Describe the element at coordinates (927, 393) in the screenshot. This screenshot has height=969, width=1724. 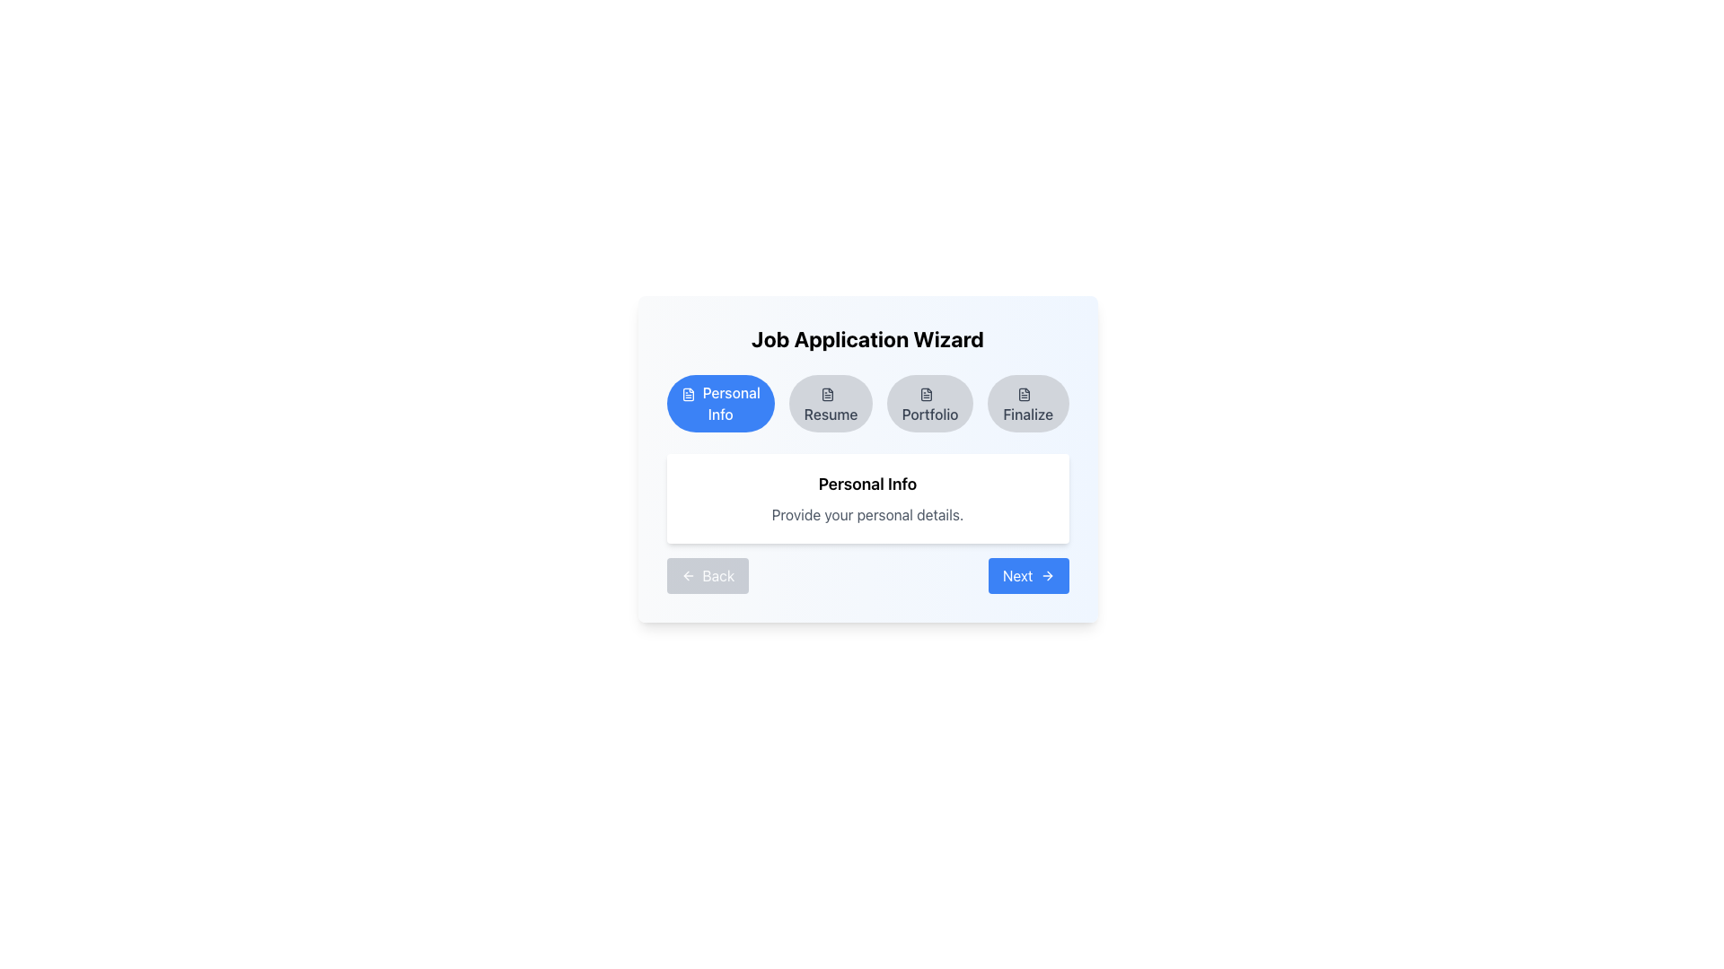
I see `the 'Portfolio' icon within the Job Application Wizard progress indicator for visual cues` at that location.